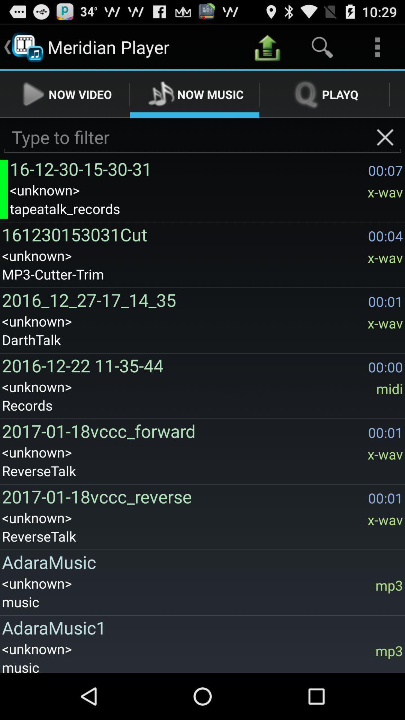  Describe the element at coordinates (385, 137) in the screenshot. I see `the current window` at that location.